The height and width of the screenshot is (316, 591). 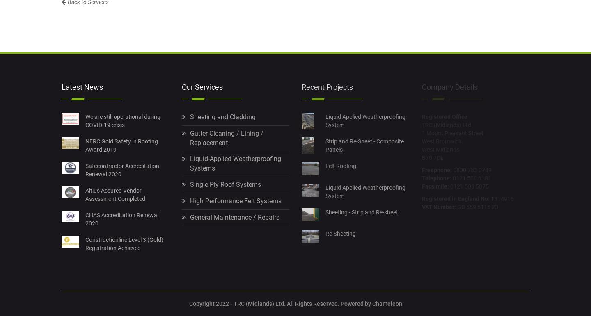 What do you see at coordinates (441, 141) in the screenshot?
I see `'West Bromwich'` at bounding box center [441, 141].